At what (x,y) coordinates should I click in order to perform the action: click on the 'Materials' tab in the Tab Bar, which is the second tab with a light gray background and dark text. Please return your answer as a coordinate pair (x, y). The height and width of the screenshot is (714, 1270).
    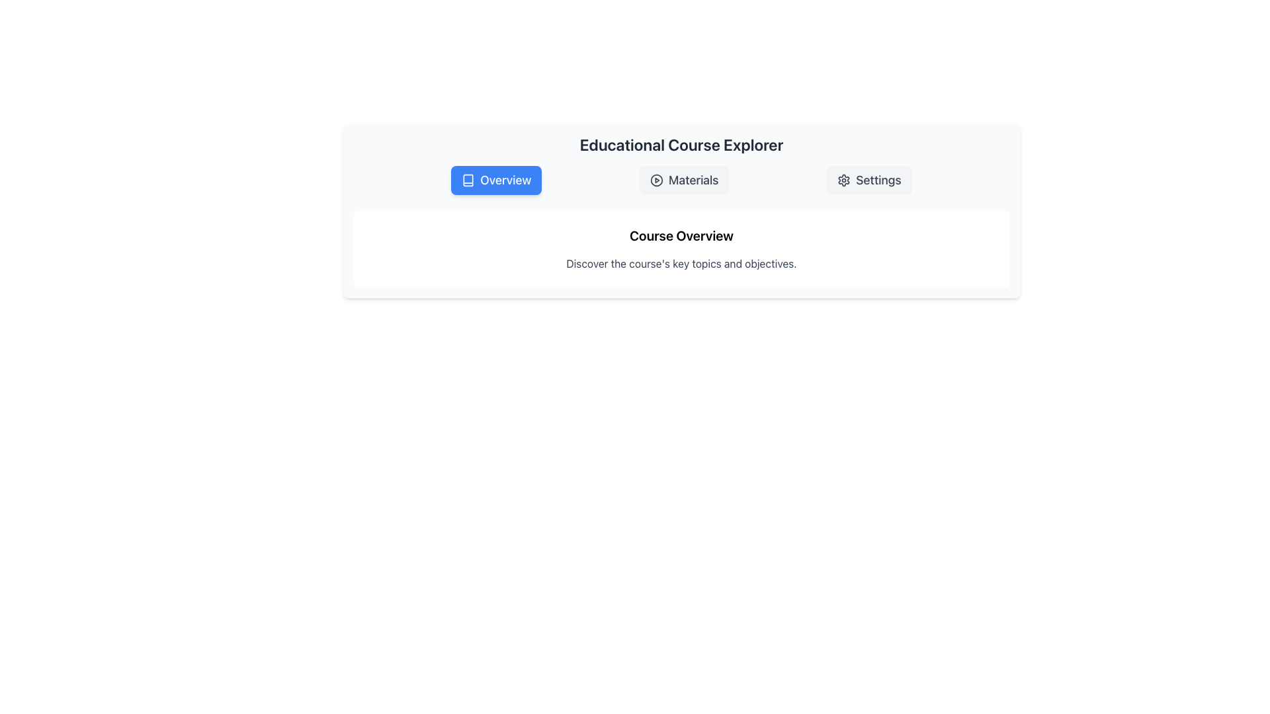
    Looking at the image, I should click on (681, 180).